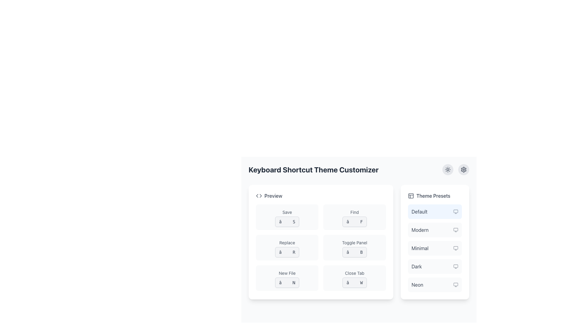 Image resolution: width=585 pixels, height=329 pixels. Describe the element at coordinates (434, 266) in the screenshot. I see `the 'Dark' button, which is a rectangular button with slightly rounded corners located in the 'Theme Presets' section` at that location.